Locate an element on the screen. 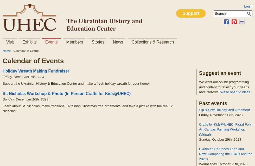 This screenshot has height=166, width=255. 'Support' is located at coordinates (191, 13).